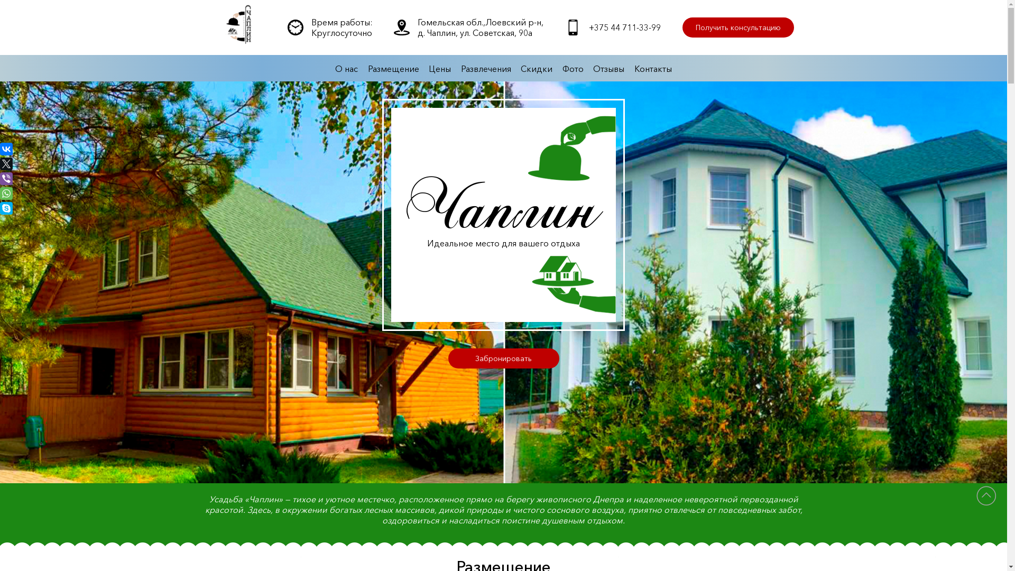  What do you see at coordinates (0, 163) in the screenshot?
I see `'Twitter'` at bounding box center [0, 163].